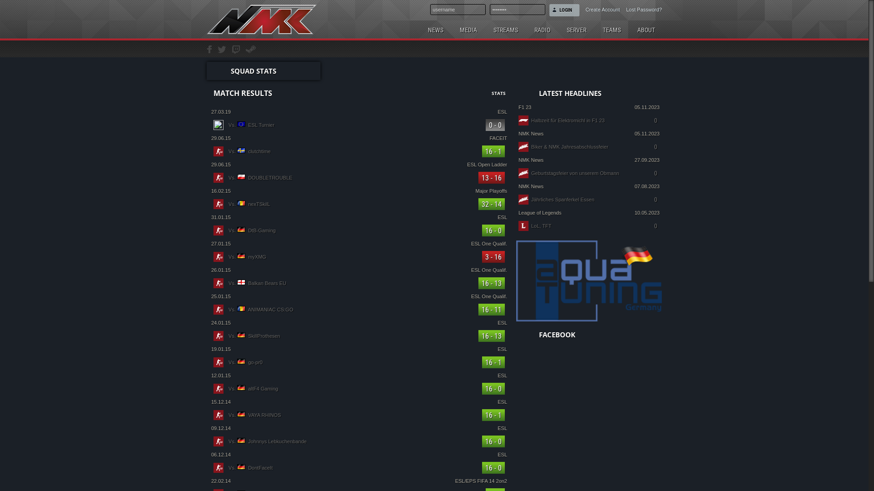 This screenshot has height=491, width=874. Describe the element at coordinates (491, 93) in the screenshot. I see `'STATS'` at that location.